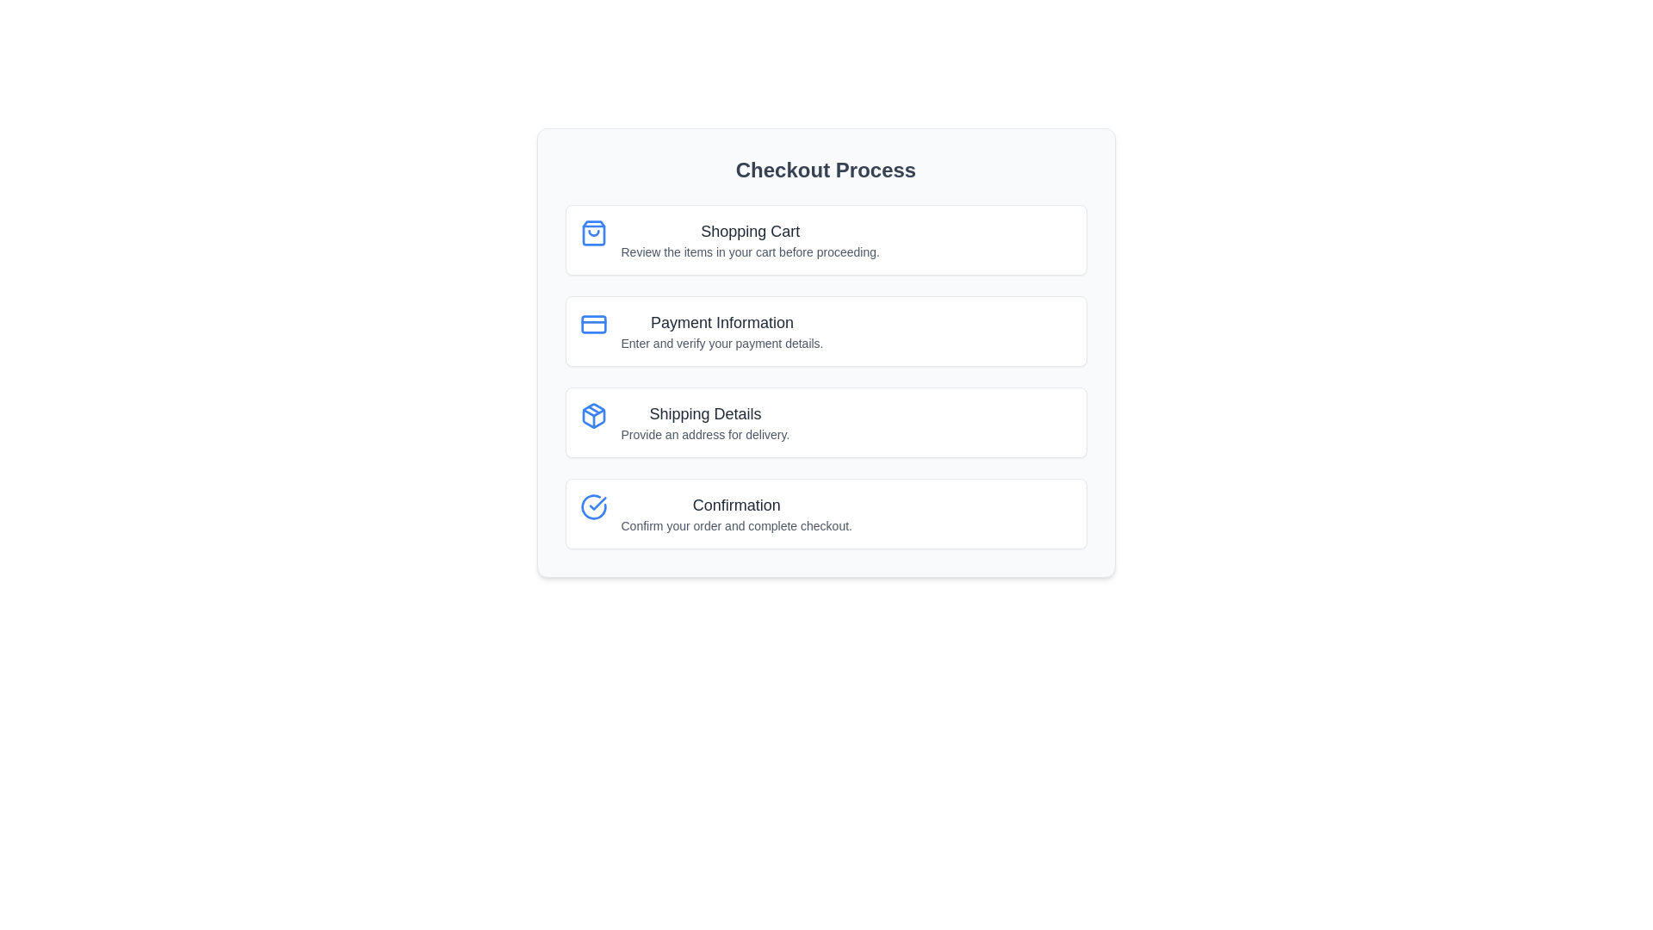 This screenshot has height=930, width=1653. What do you see at coordinates (593, 325) in the screenshot?
I see `the decorative credit card icon located in the 'Payment Information' section of the interface` at bounding box center [593, 325].